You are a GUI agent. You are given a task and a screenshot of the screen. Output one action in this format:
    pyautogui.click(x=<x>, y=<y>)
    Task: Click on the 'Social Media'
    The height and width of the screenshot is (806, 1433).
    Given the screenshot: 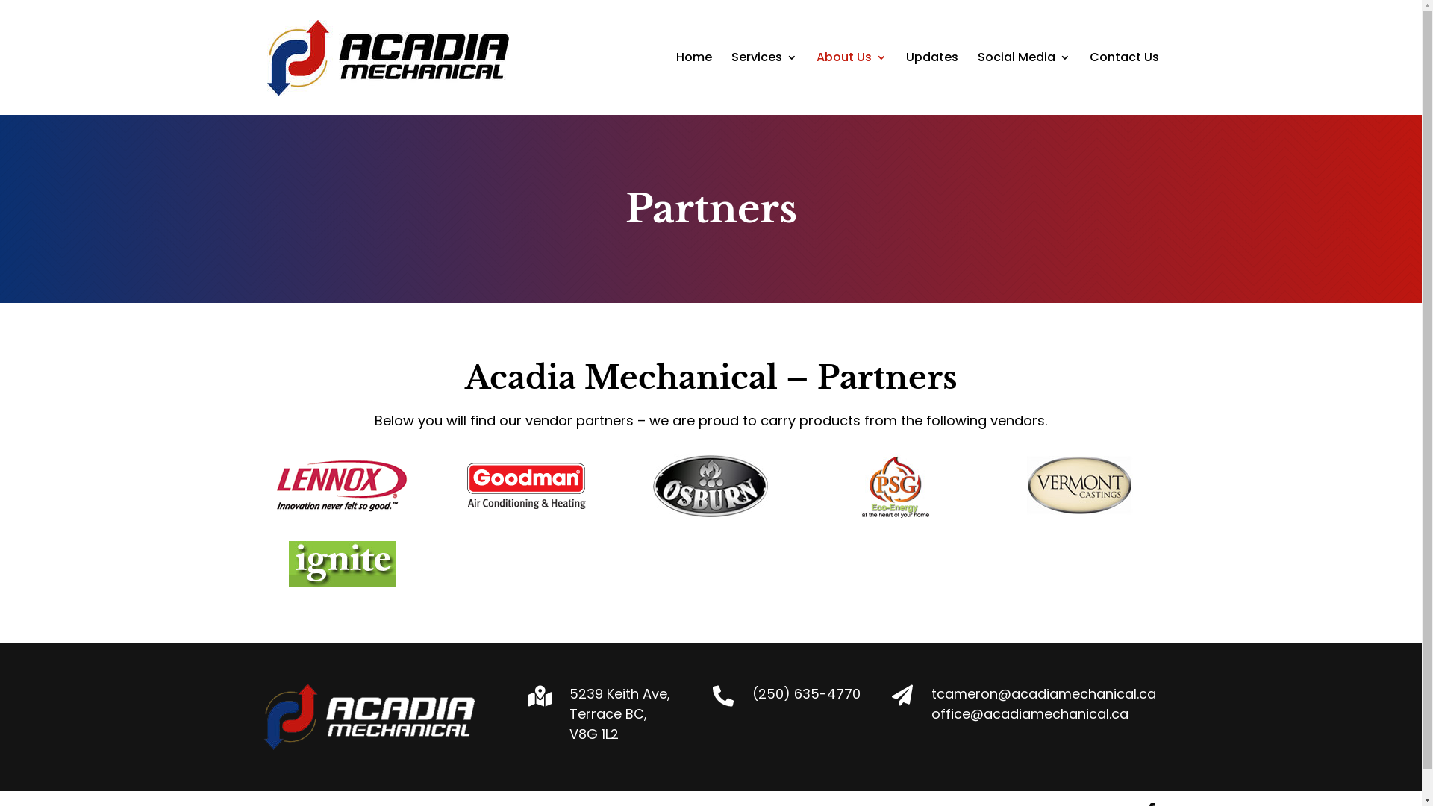 What is the action you would take?
    pyautogui.click(x=978, y=83)
    